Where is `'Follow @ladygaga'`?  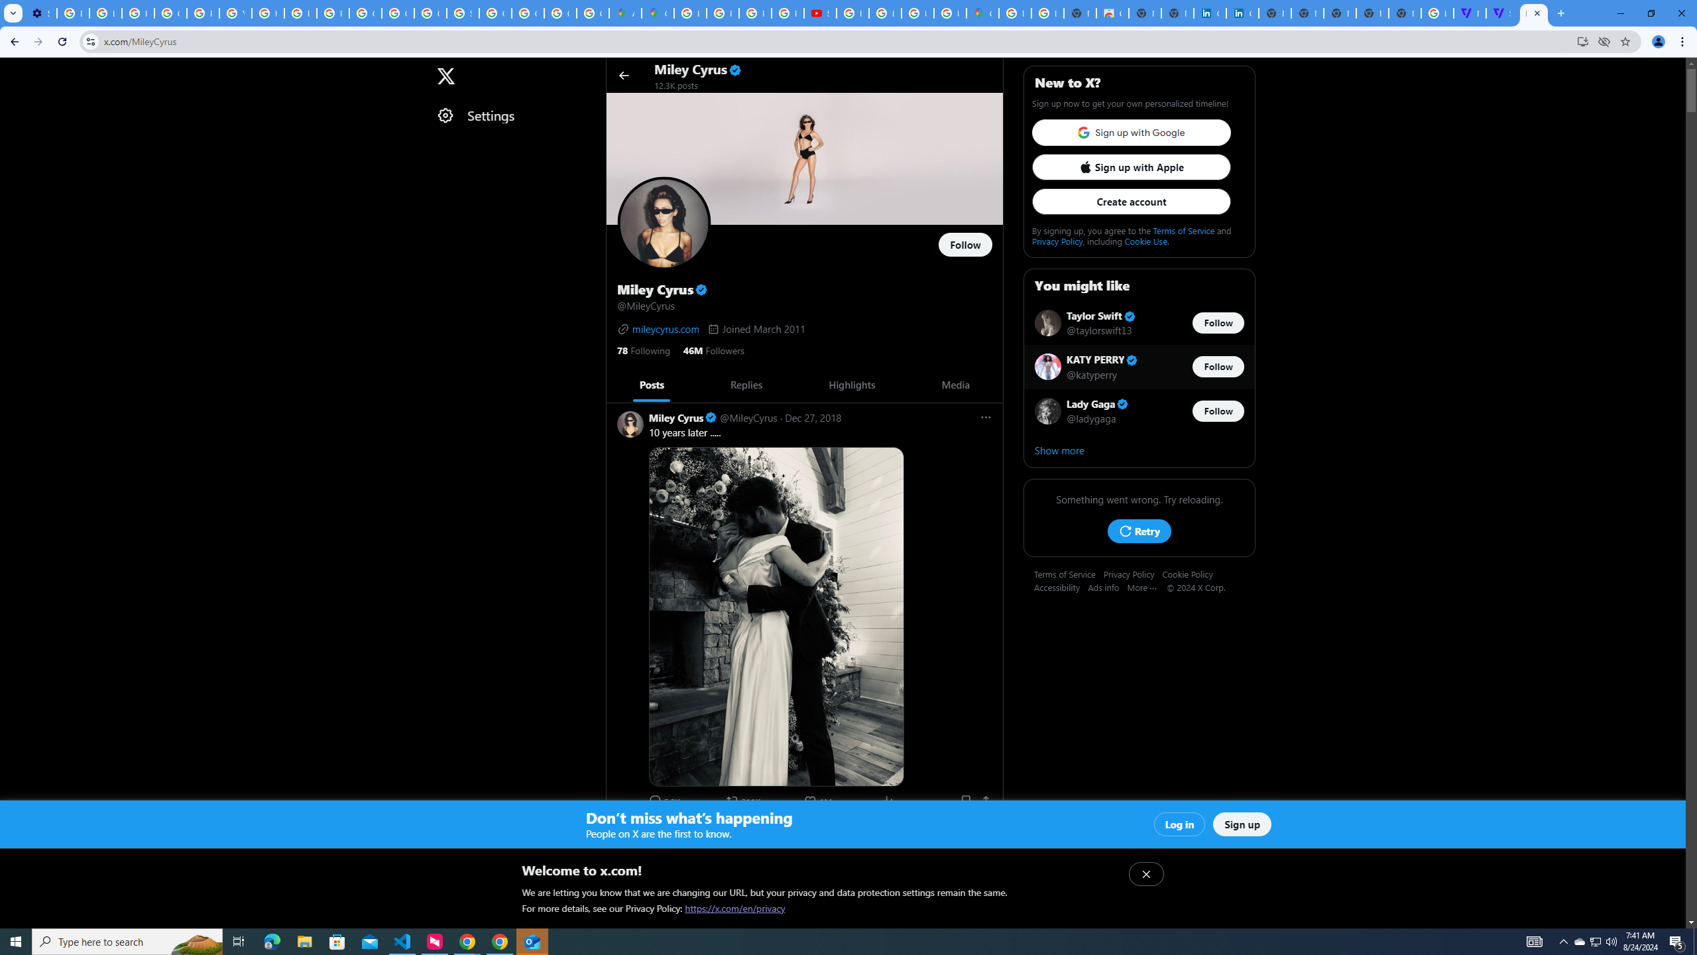 'Follow @ladygaga' is located at coordinates (1218, 410).